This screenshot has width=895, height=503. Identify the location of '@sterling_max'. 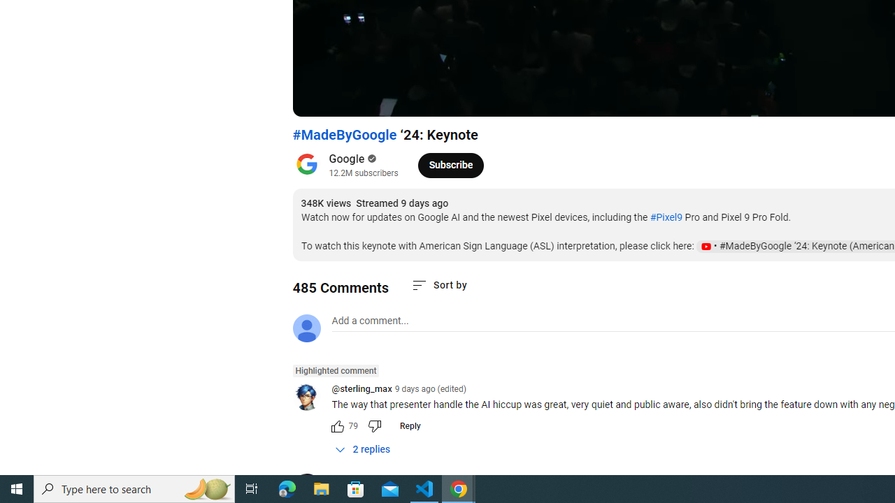
(361, 390).